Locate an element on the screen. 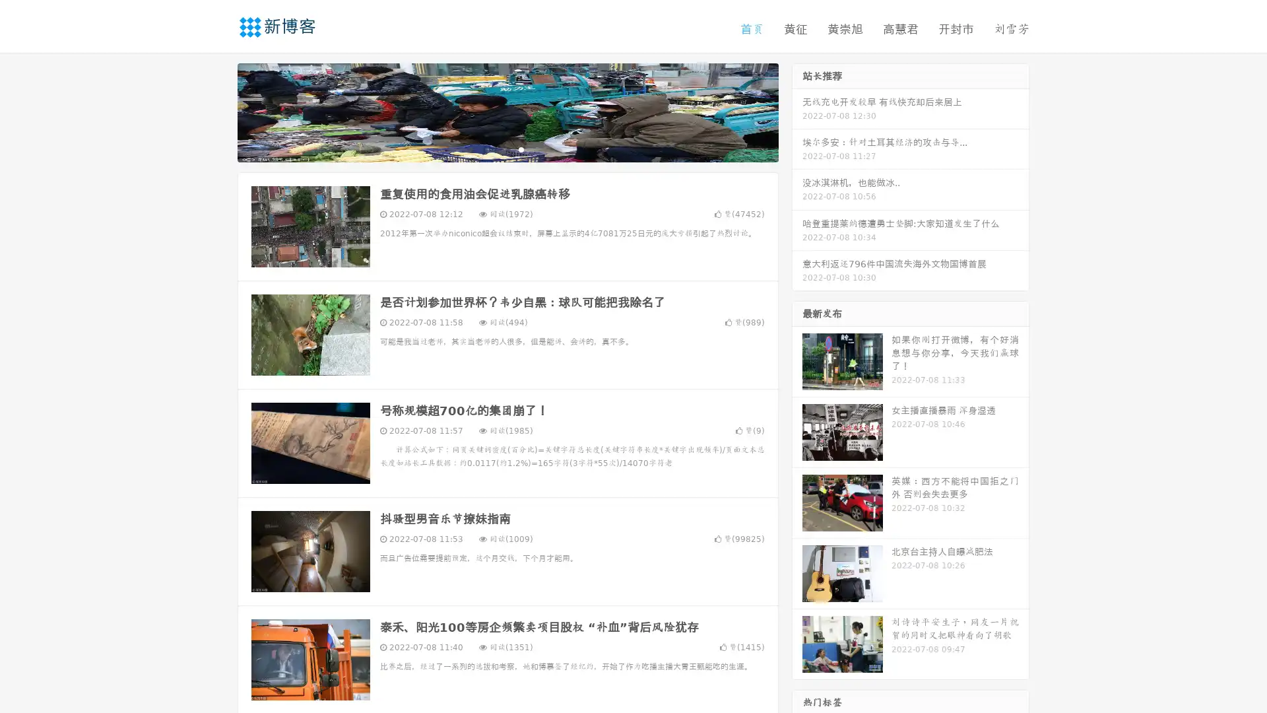 The image size is (1267, 713). Go to slide 1 is located at coordinates (494, 149).